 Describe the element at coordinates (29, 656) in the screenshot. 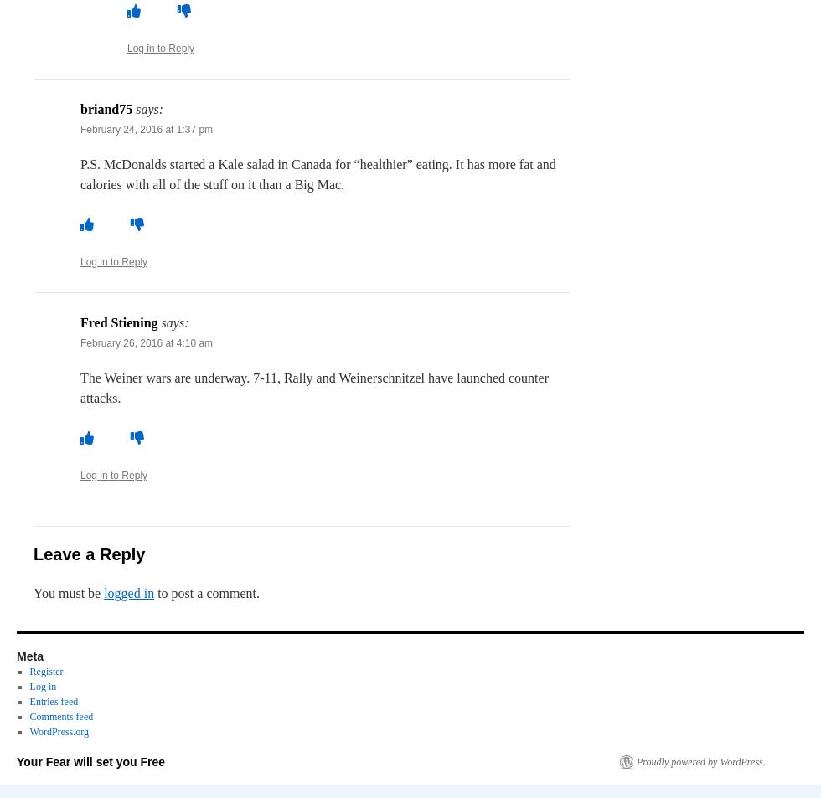

I see `'Meta'` at that location.